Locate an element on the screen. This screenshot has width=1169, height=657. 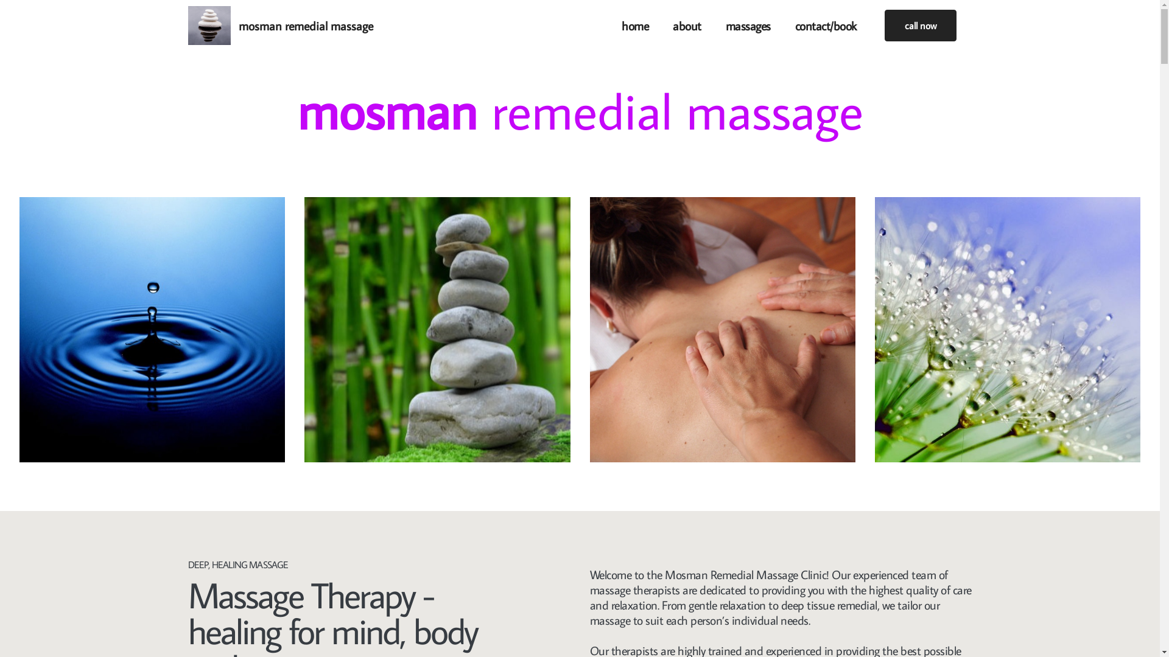
'massages' is located at coordinates (747, 26).